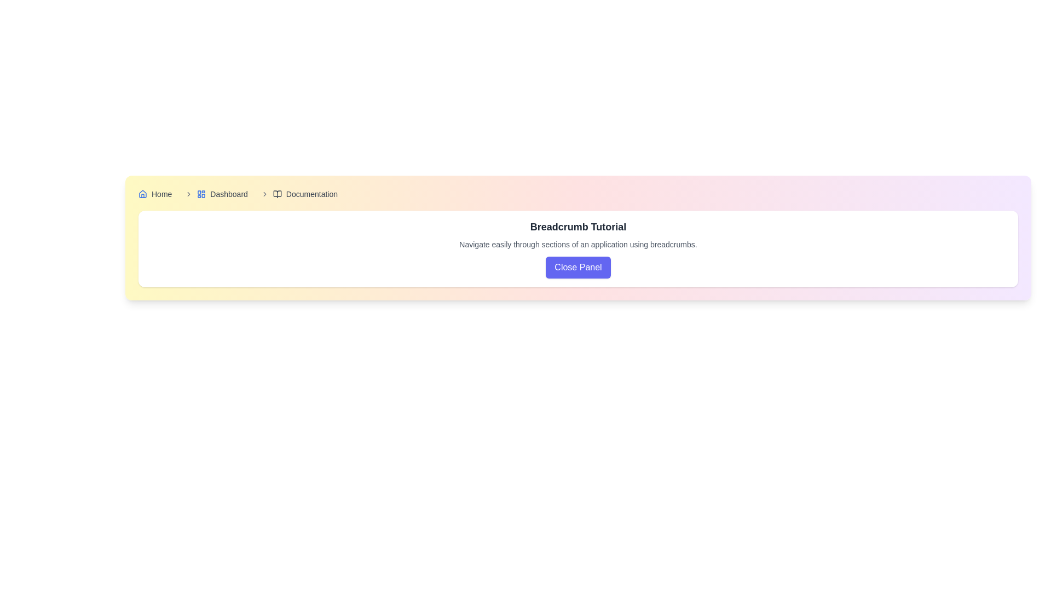 Image resolution: width=1051 pixels, height=591 pixels. What do you see at coordinates (578, 244) in the screenshot?
I see `the explanatory Text label that informs the user about breadcrumbs functionality, positioned between the 'Breadcrumb Tutorial' heading and the 'Close Panel' button` at bounding box center [578, 244].